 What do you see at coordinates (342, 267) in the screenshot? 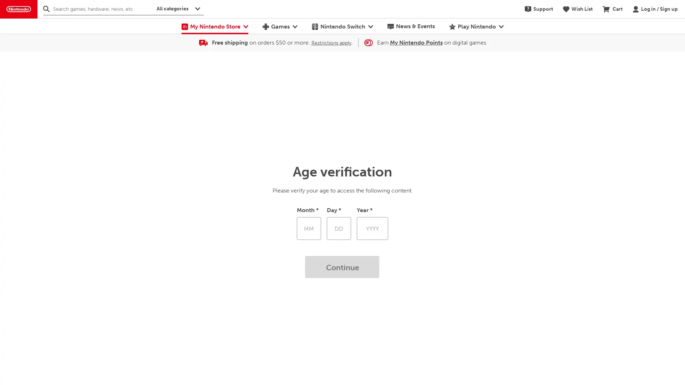
I see `Continue` at bounding box center [342, 267].